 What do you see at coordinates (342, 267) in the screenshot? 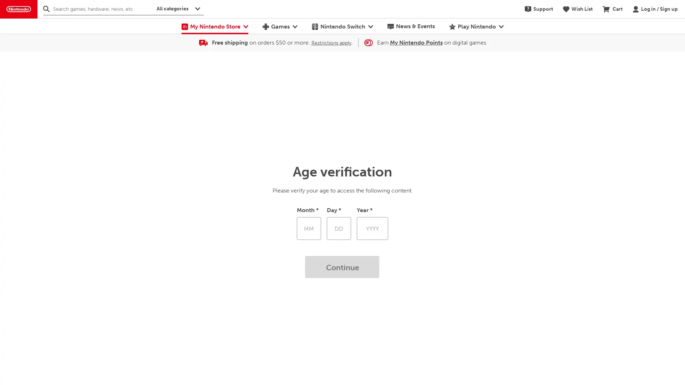
I see `Continue` at bounding box center [342, 267].